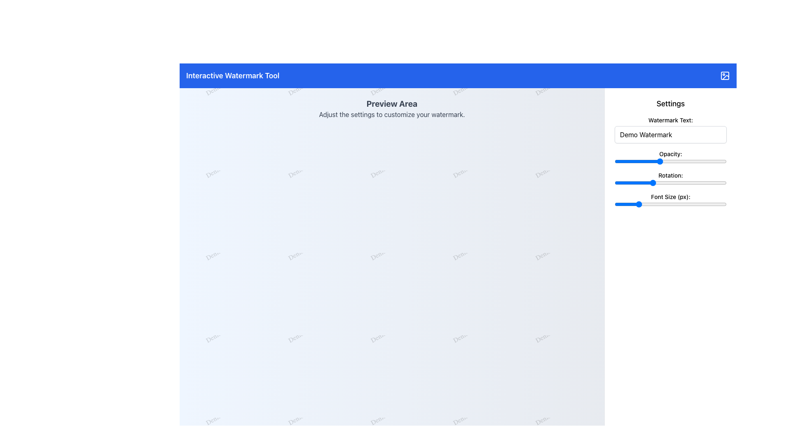 The width and height of the screenshot is (791, 445). I want to click on font size, so click(674, 204).